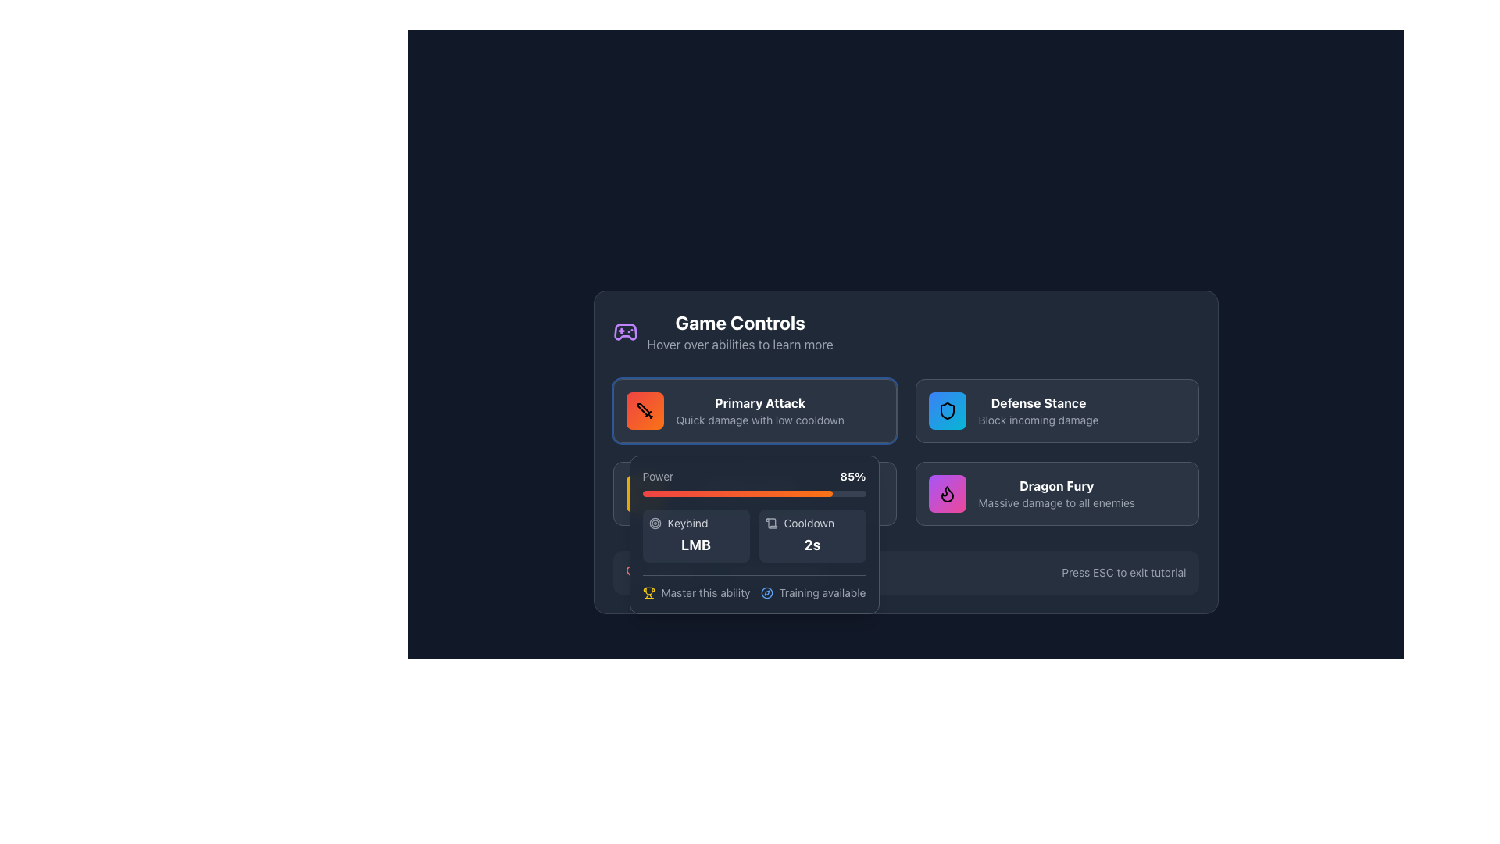 This screenshot has width=1500, height=844. What do you see at coordinates (625, 331) in the screenshot?
I see `the game controller icon with a purple outline located in the 'Game Controls' section, to the left of the title text 'Game Controls'` at bounding box center [625, 331].